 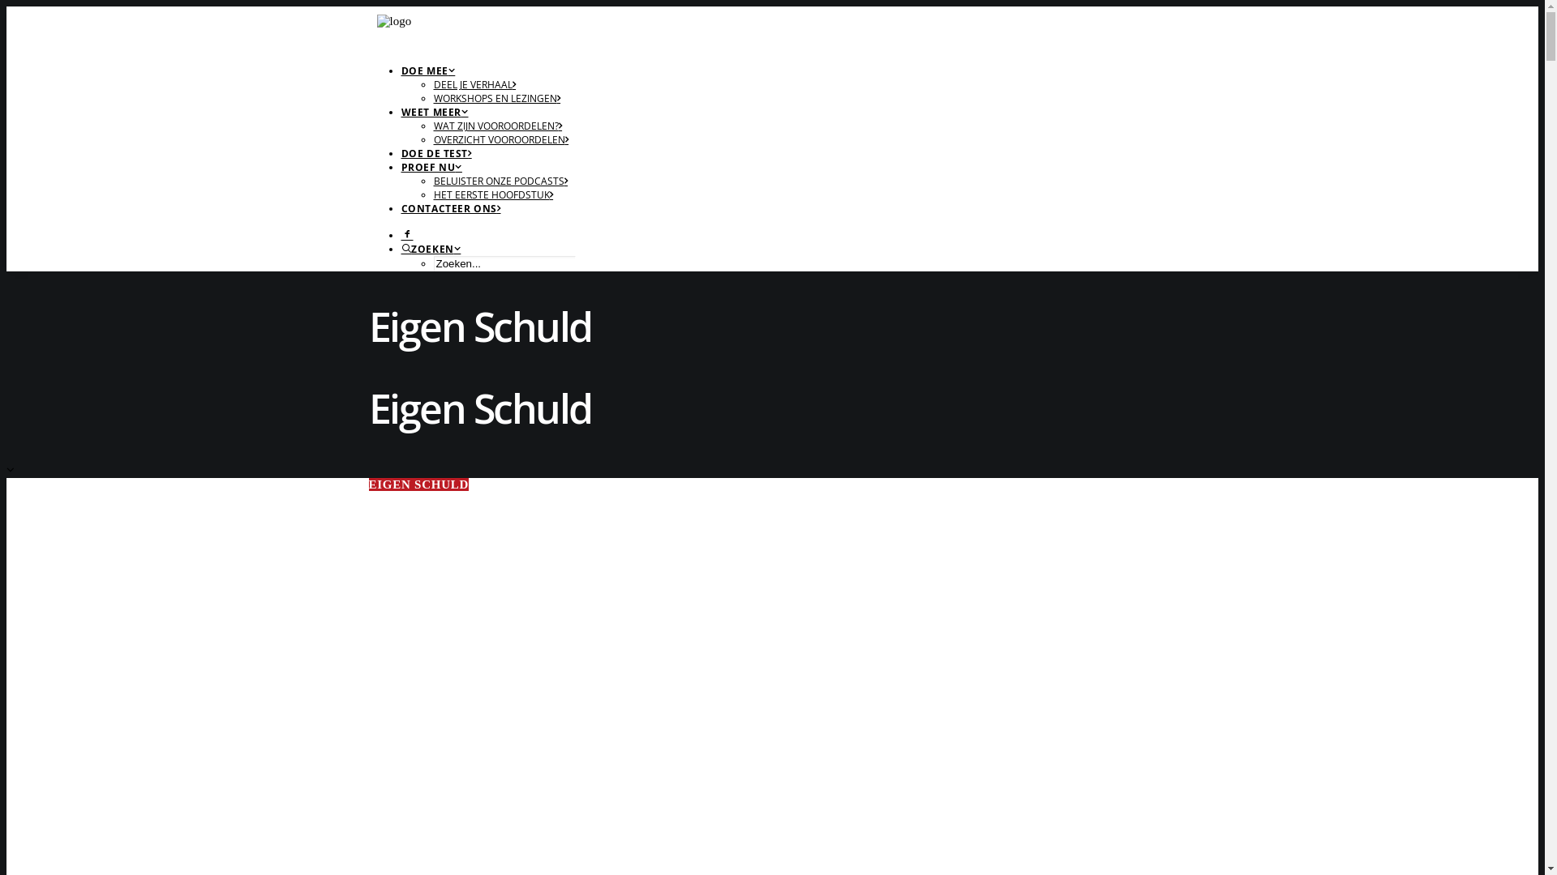 What do you see at coordinates (435, 153) in the screenshot?
I see `'DOE DE TEST'` at bounding box center [435, 153].